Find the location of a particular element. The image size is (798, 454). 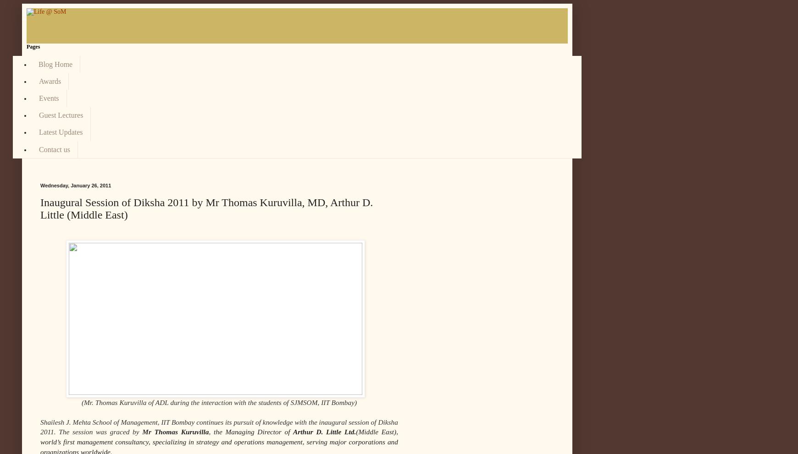

'Guest Lectures' is located at coordinates (39, 115).